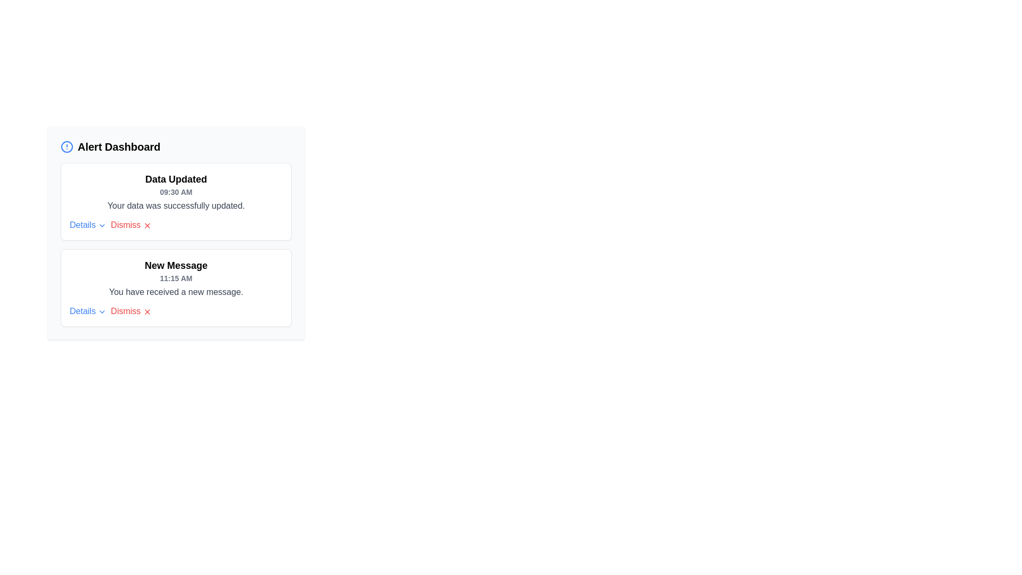  What do you see at coordinates (66, 147) in the screenshot?
I see `the alert icon located to the left of the 'Alert Dashboard' text to inspect details` at bounding box center [66, 147].